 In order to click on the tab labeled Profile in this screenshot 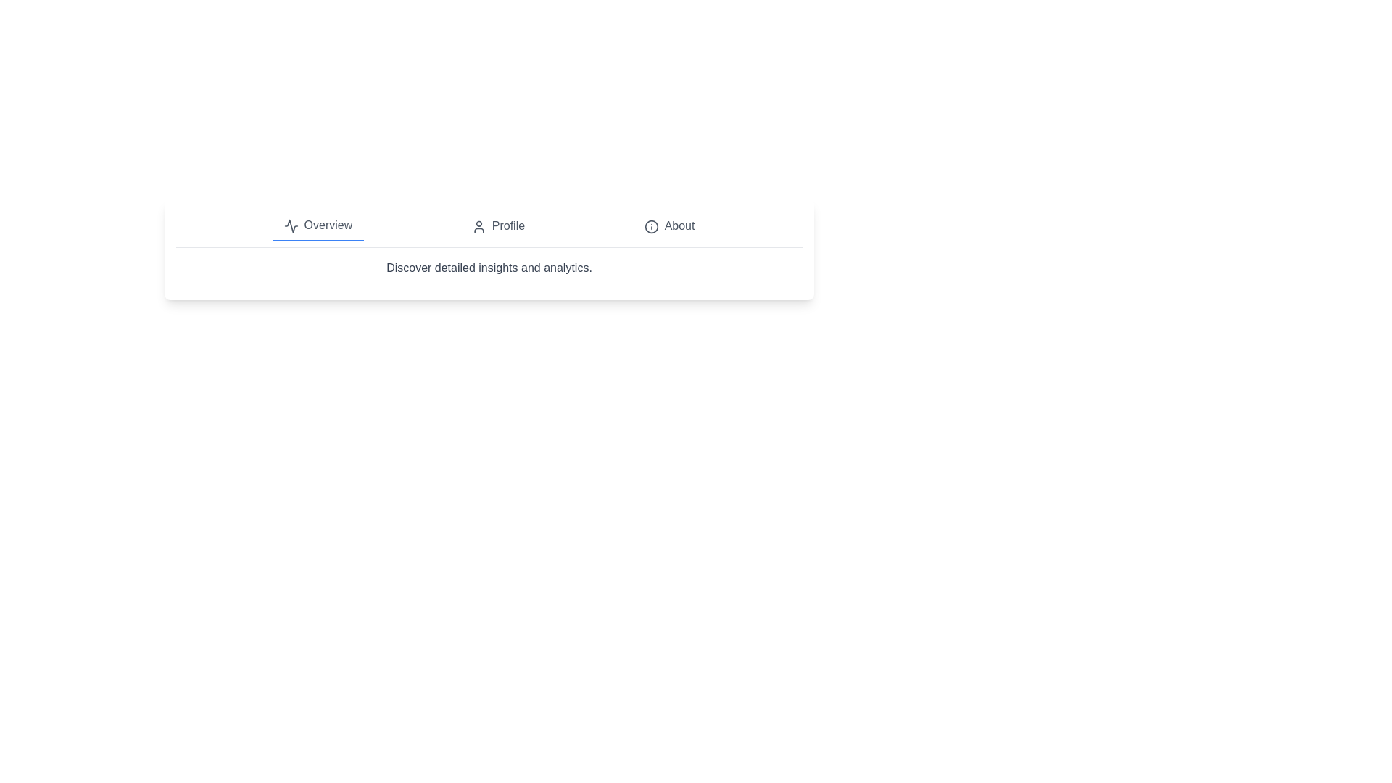, I will do `click(498, 226)`.